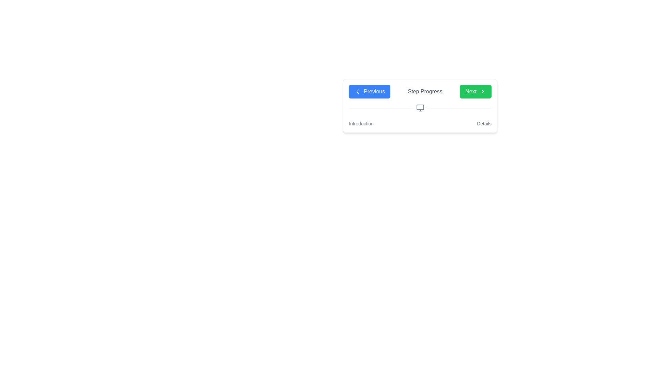  Describe the element at coordinates (374, 91) in the screenshot. I see `the text label that serves as a navigation button for going to the previous step, located to the right of a left chevron icon within a blue button` at that location.